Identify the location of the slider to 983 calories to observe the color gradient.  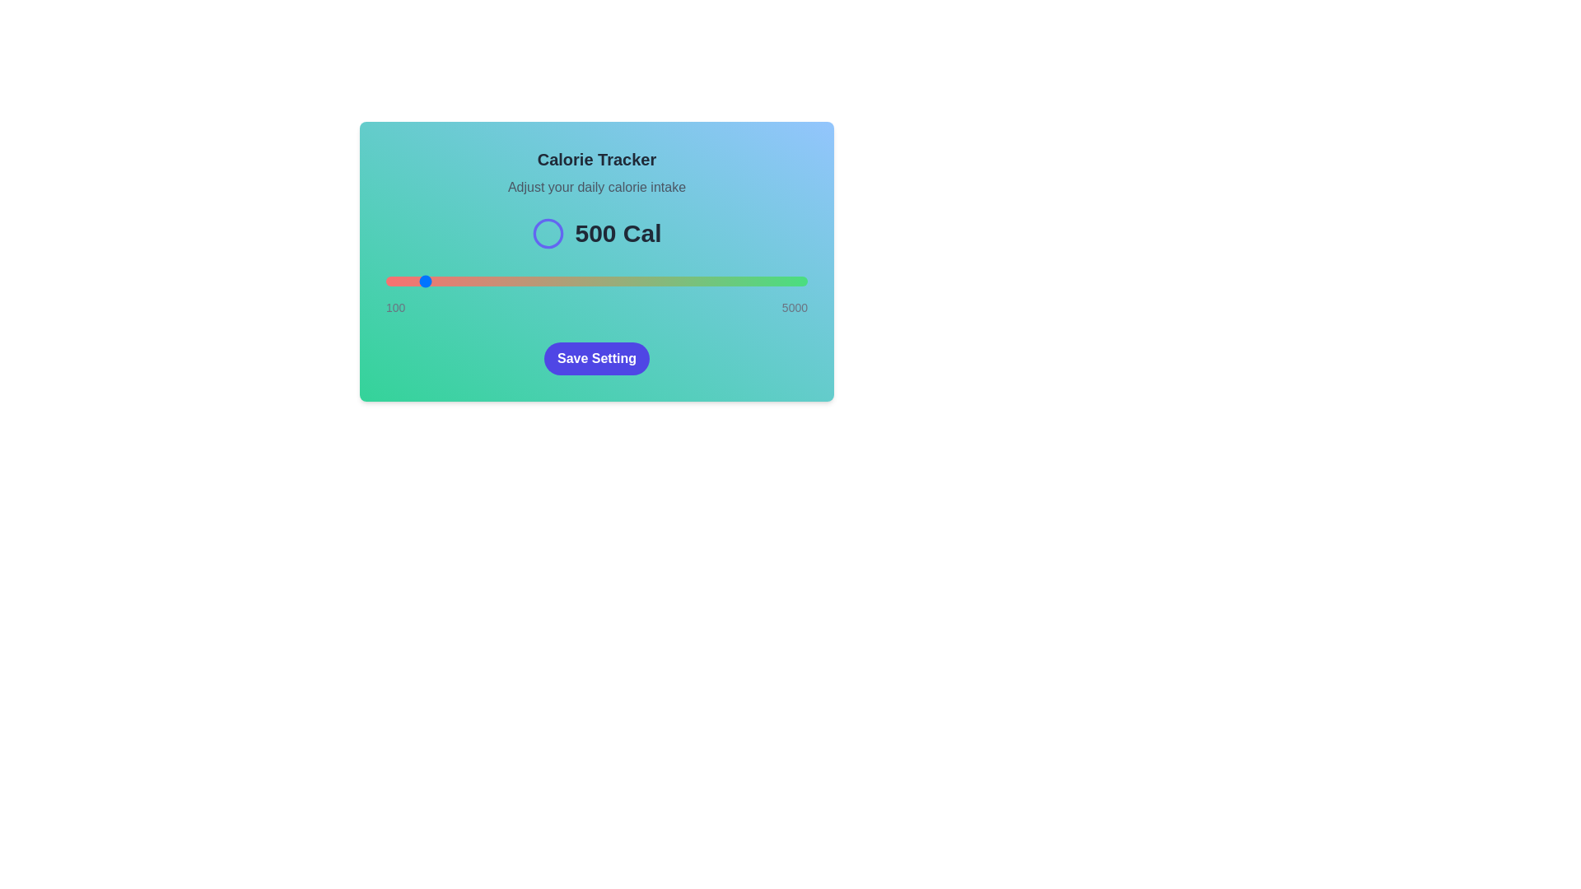
(461, 281).